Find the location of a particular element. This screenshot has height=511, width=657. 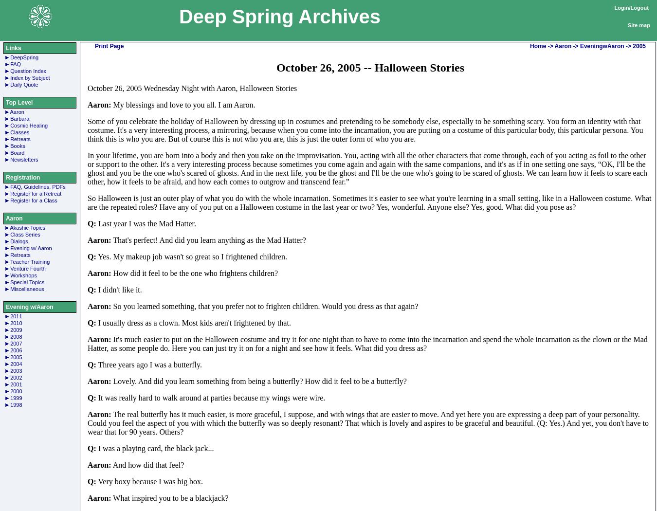

'I didn't like it.' is located at coordinates (118, 289).